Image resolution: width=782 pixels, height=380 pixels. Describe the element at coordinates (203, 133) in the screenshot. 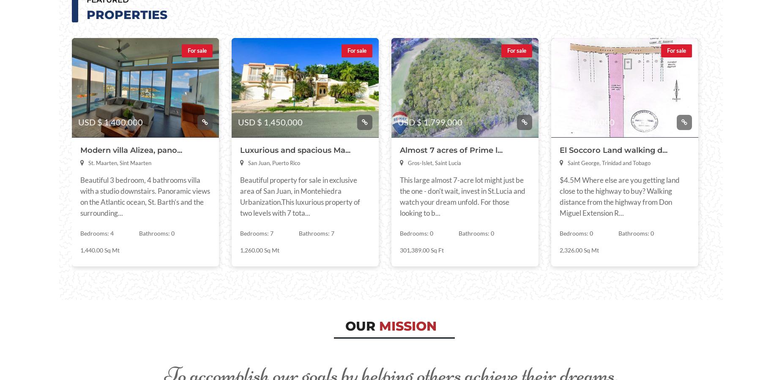

I see `'Saint Barthelemy'` at that location.